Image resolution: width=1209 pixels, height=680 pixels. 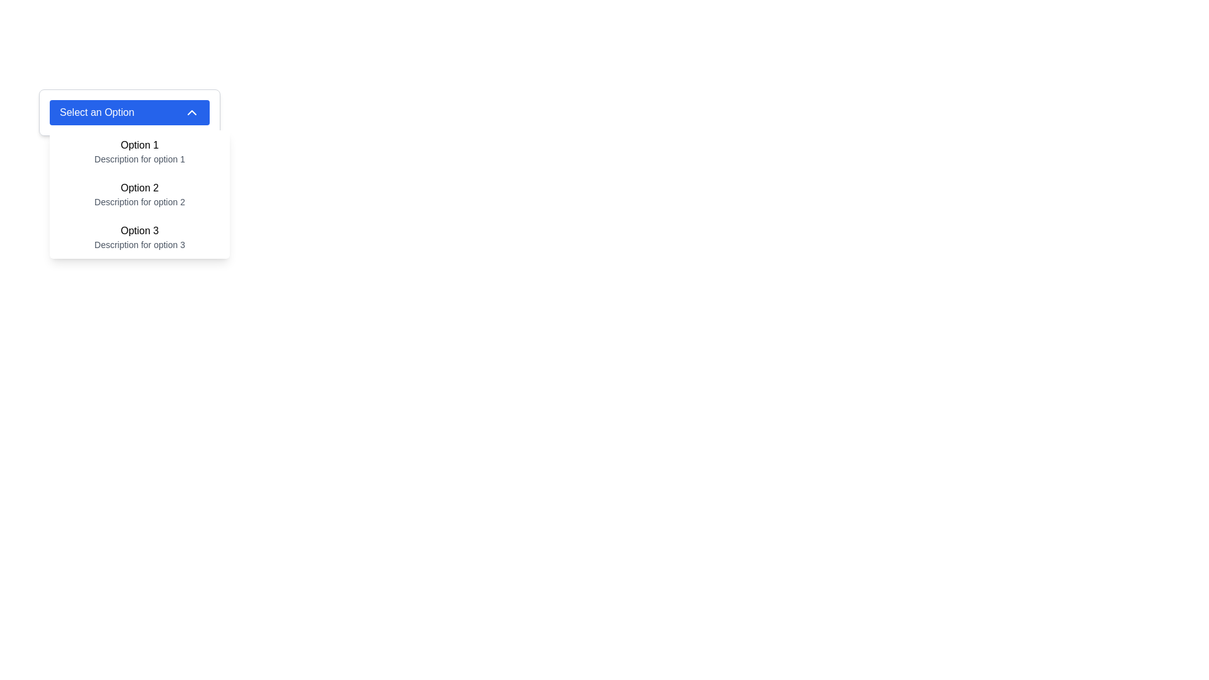 What do you see at coordinates (139, 201) in the screenshot?
I see `the text label displaying 'Description for option 2', which is positioned directly below 'Option 2' in the dropdown list` at bounding box center [139, 201].